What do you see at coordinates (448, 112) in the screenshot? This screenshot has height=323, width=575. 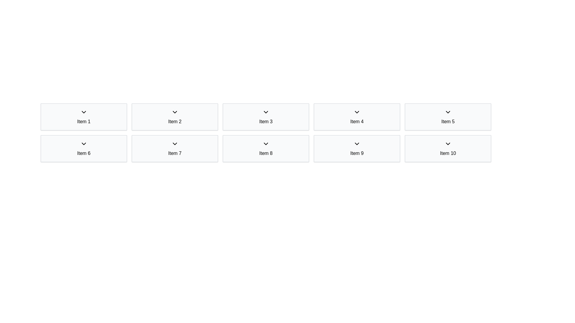 I see `the downward-pointing chevron icon located at the top of the card labeled 'Item 5'` at bounding box center [448, 112].